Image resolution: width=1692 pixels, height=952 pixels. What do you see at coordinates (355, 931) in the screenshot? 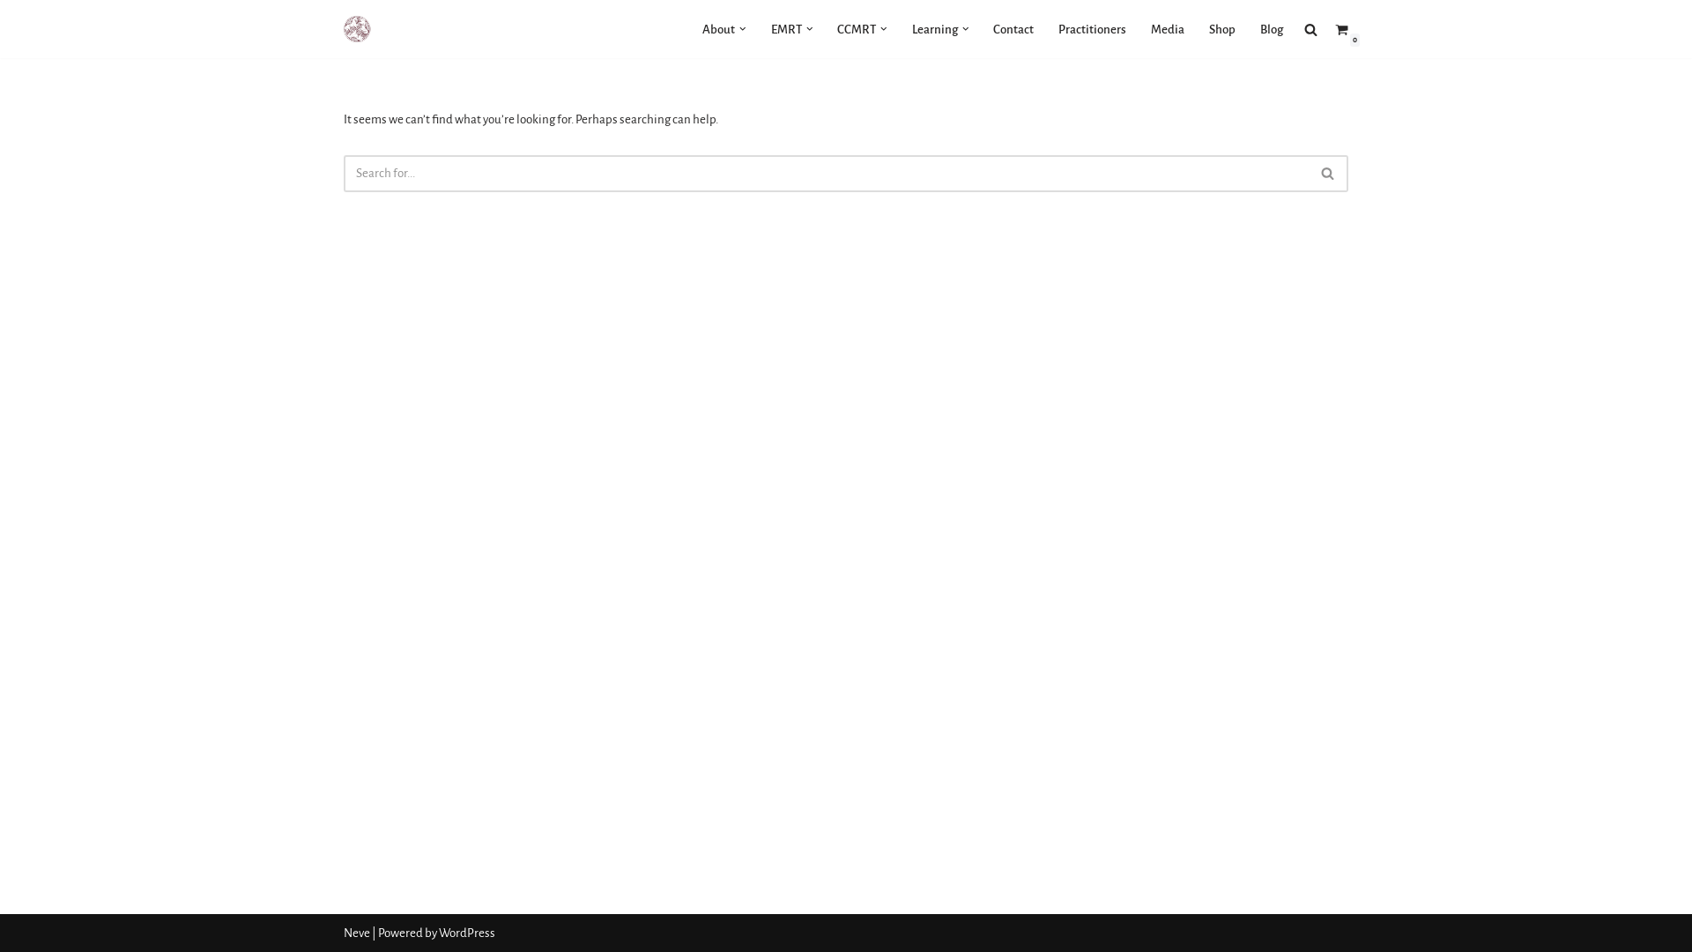
I see `'Neve'` at bounding box center [355, 931].